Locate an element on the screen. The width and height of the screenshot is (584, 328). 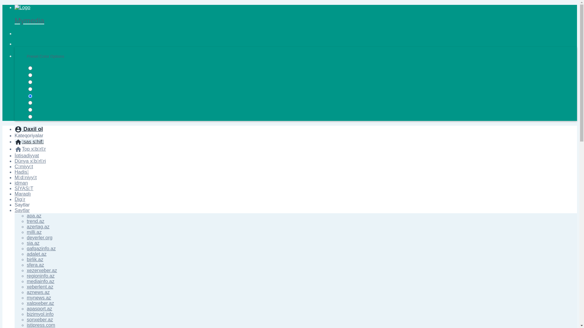
'apasport.az' is located at coordinates (39, 309).